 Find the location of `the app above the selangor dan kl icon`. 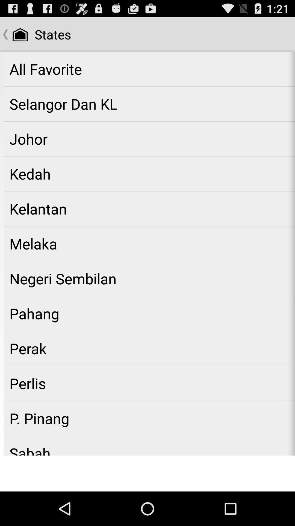

the app above the selangor dan kl icon is located at coordinates (149, 69).